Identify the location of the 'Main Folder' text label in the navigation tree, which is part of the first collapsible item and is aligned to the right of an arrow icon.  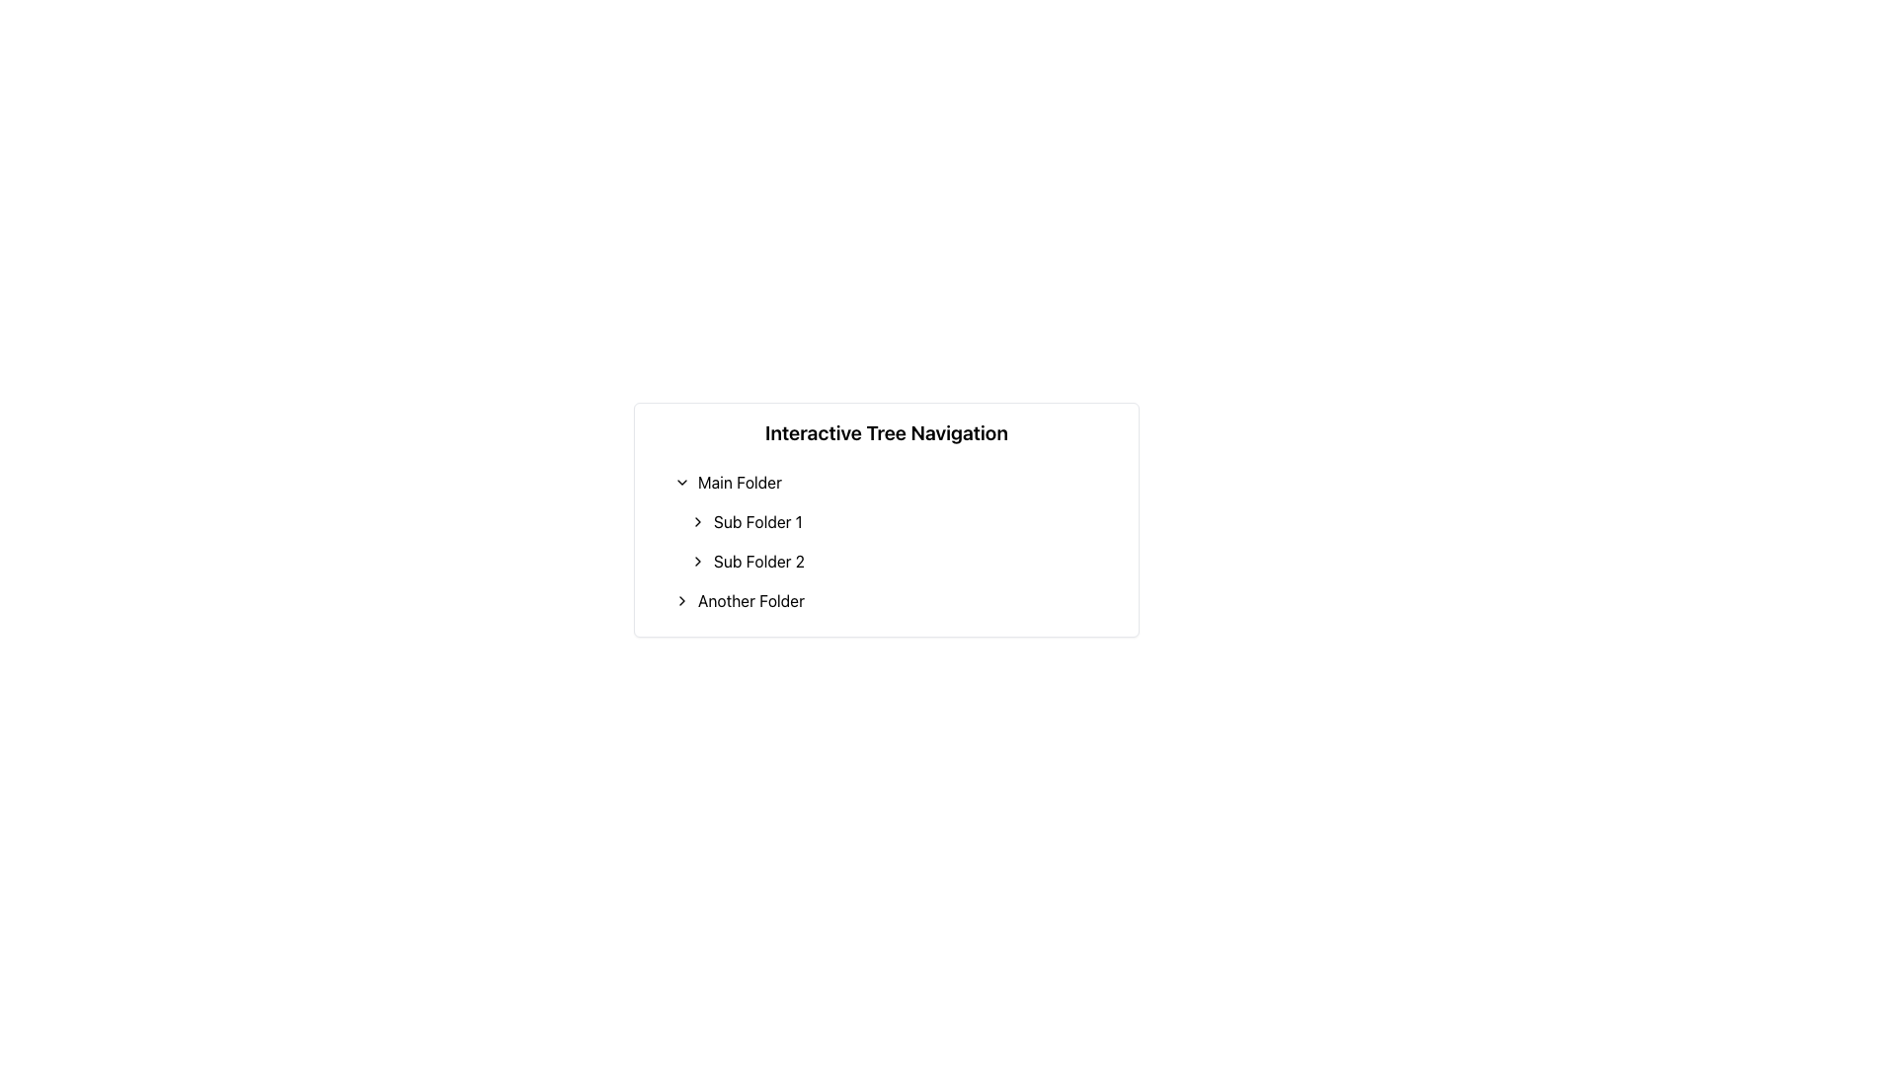
(739, 483).